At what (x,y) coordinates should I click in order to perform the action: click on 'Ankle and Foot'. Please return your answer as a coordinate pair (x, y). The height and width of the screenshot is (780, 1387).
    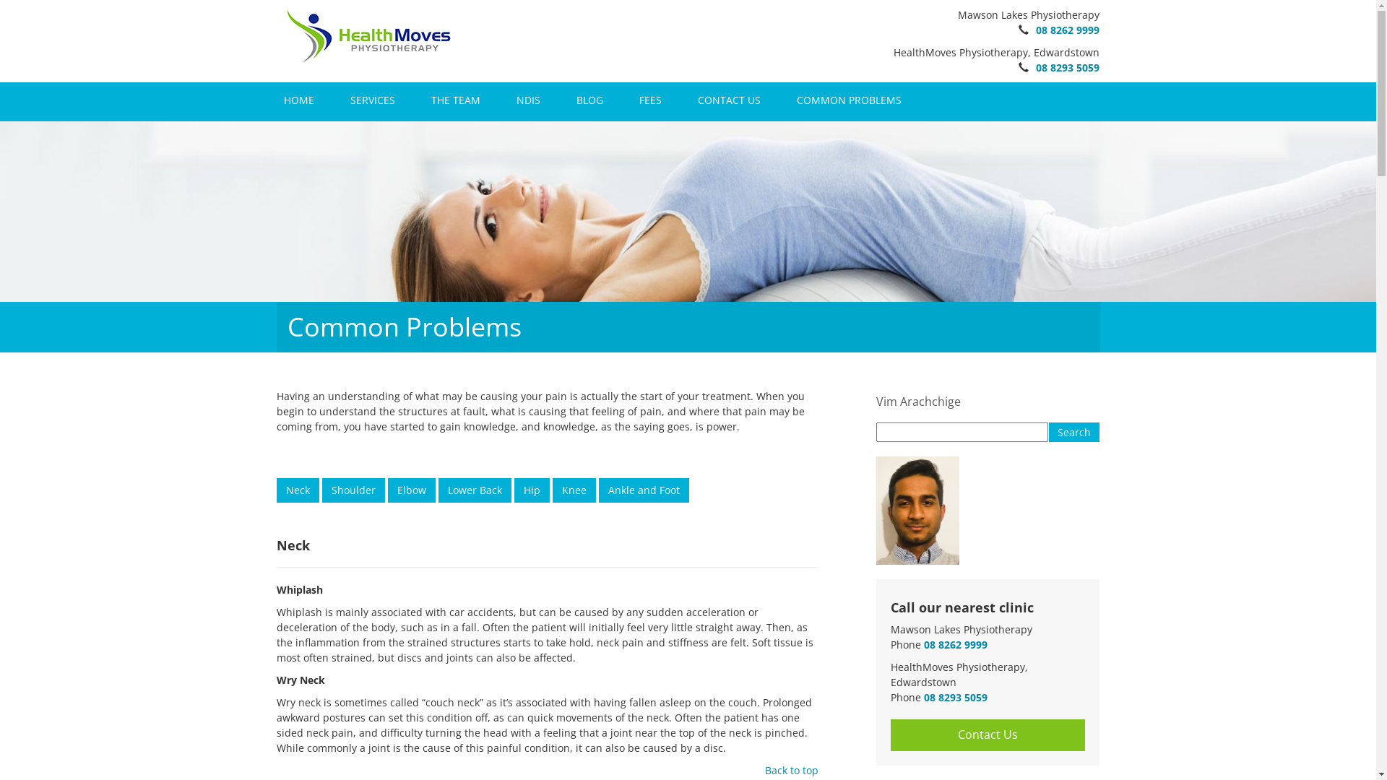
    Looking at the image, I should click on (642, 481).